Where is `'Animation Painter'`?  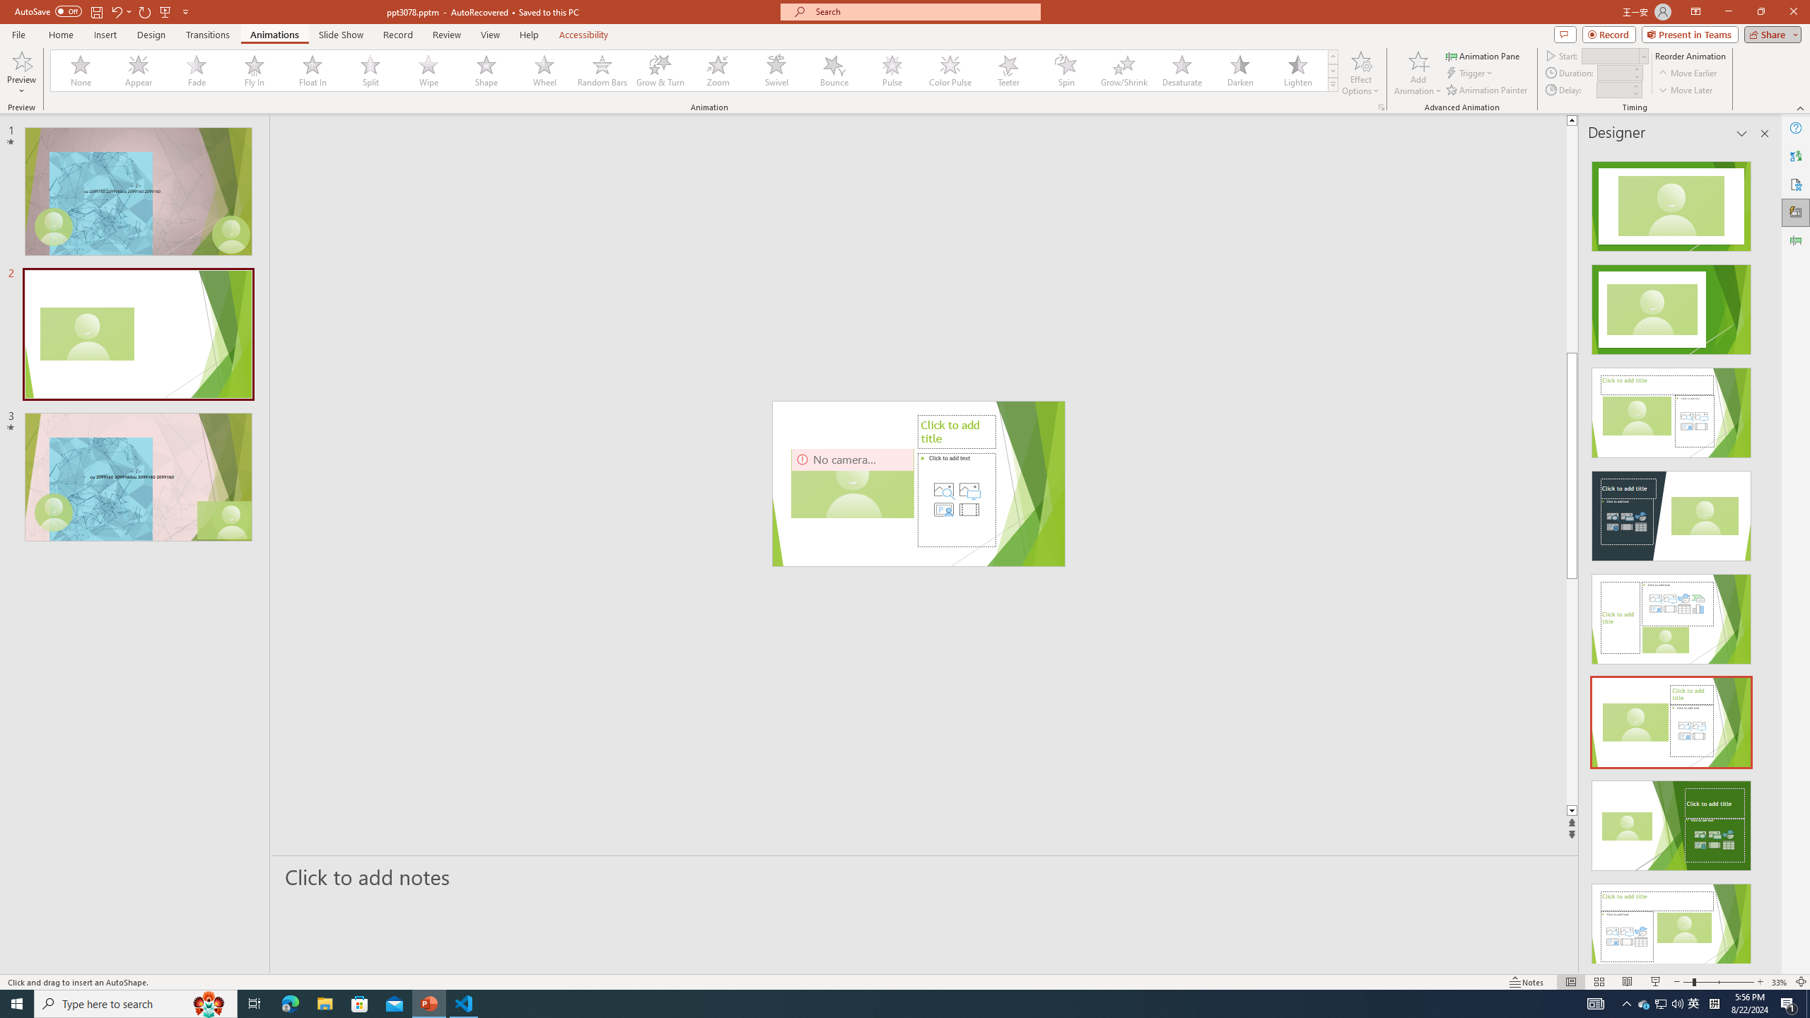 'Animation Painter' is located at coordinates (1487, 90).